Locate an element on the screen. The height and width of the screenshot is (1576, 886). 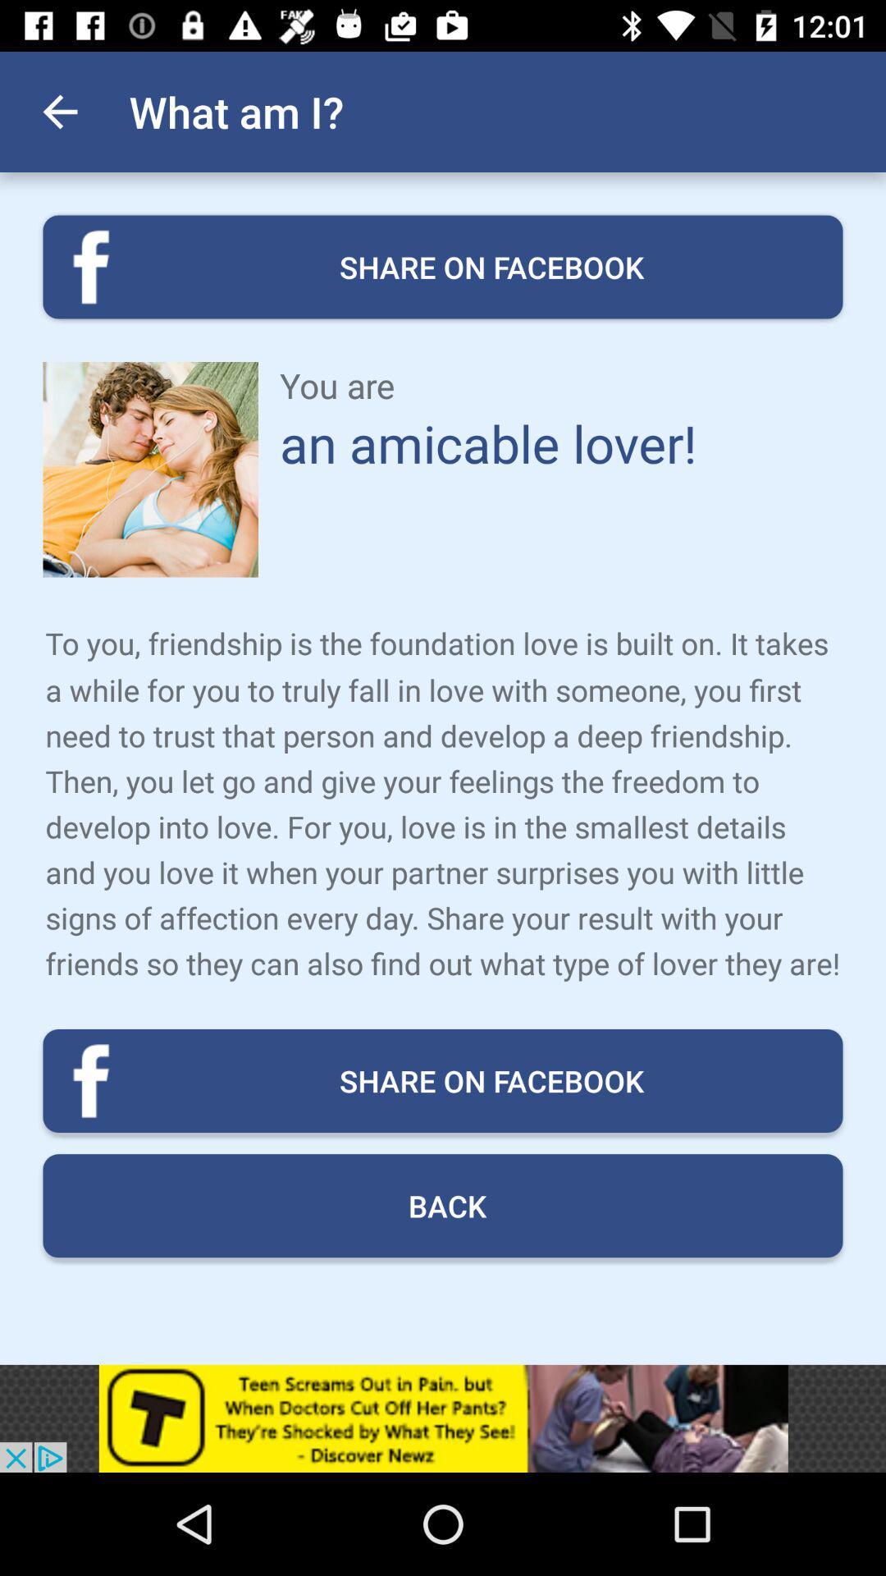
advertisement is located at coordinates (443, 1418).